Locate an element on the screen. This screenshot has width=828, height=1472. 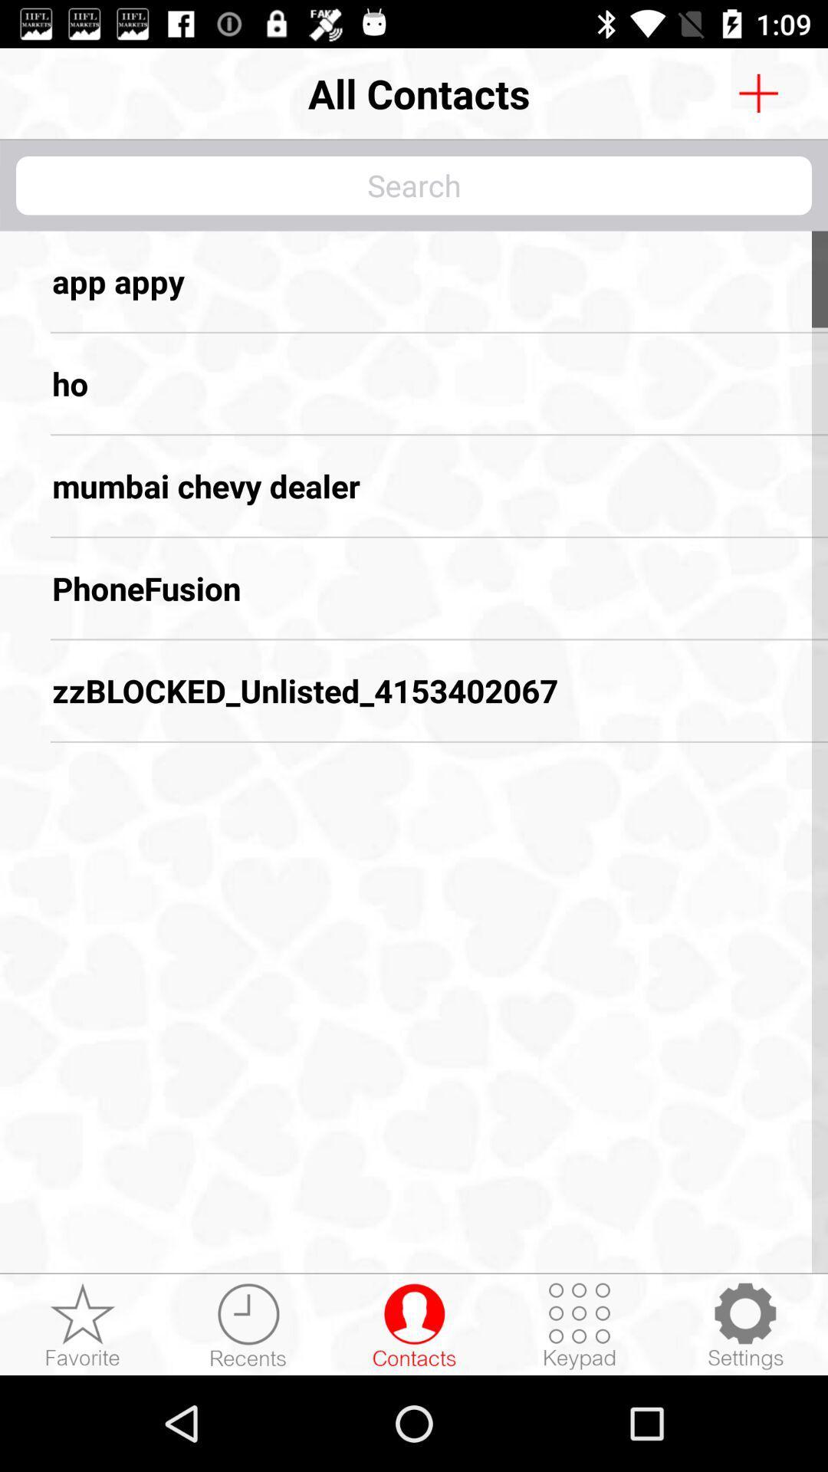
the star icon is located at coordinates (83, 1325).